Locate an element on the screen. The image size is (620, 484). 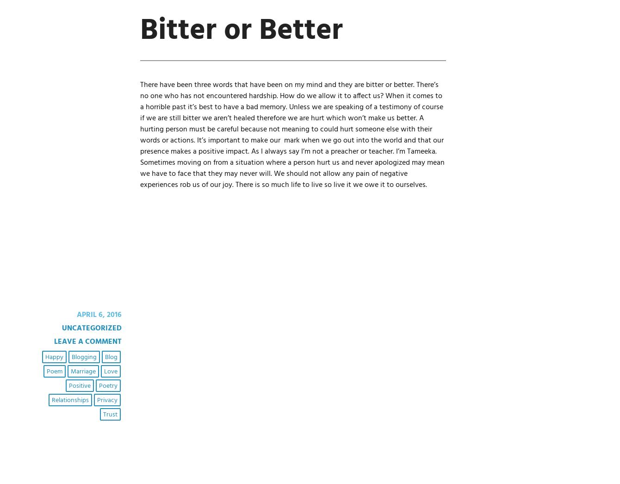
'blogging' is located at coordinates (83, 356).